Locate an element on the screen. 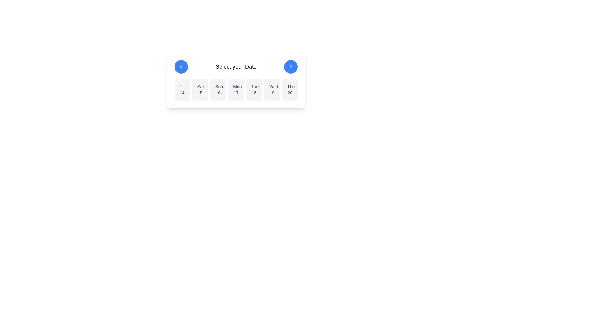  the selectable date button for Tuesday the 18th, which is the fifth button in the grid under 'Select your Date' is located at coordinates (254, 89).